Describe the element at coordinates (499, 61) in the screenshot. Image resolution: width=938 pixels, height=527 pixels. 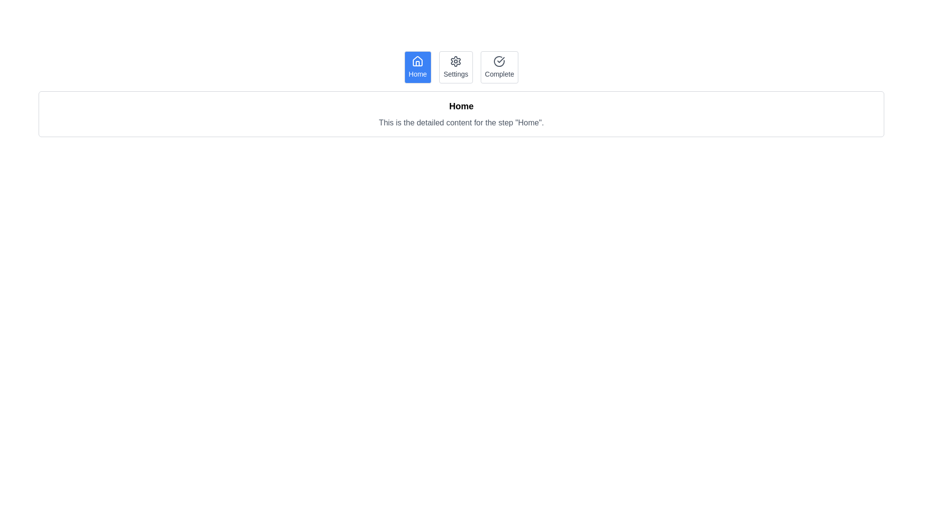
I see `the circular gray check icon located in the upper portion of the 'Complete' menu option` at that location.